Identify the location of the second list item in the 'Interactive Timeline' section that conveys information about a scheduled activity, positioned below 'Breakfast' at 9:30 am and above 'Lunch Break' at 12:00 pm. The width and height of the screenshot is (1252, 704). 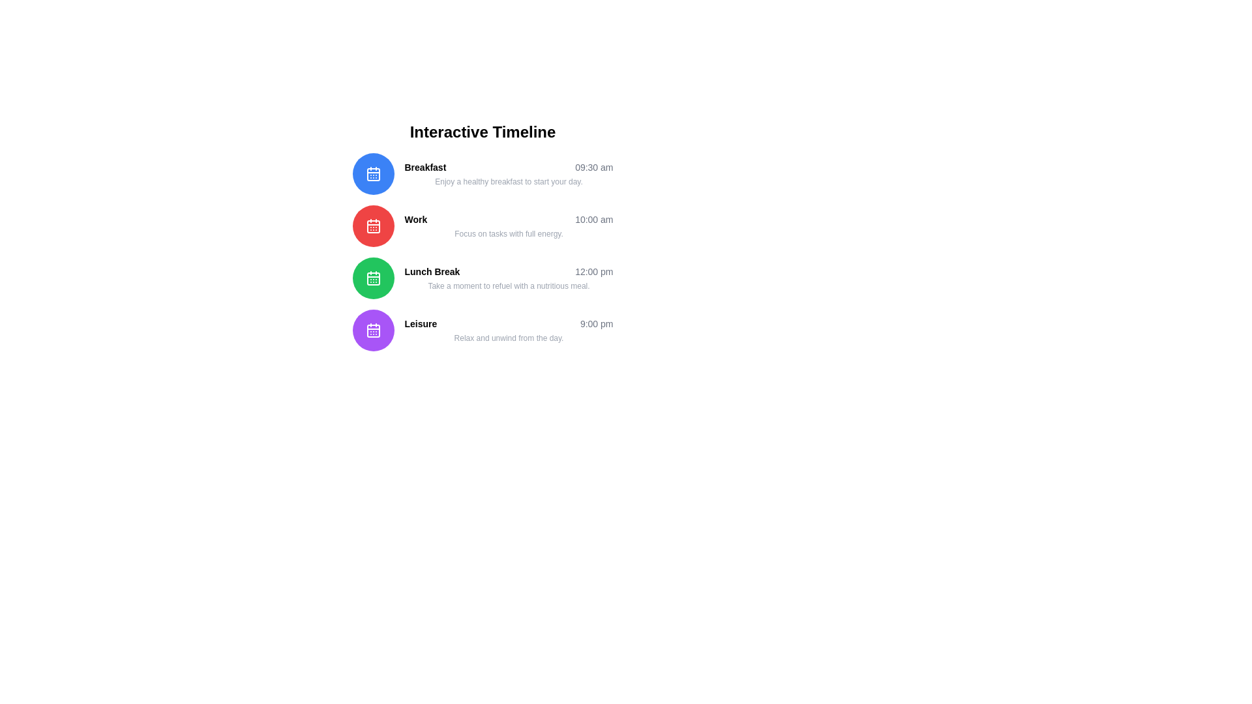
(482, 226).